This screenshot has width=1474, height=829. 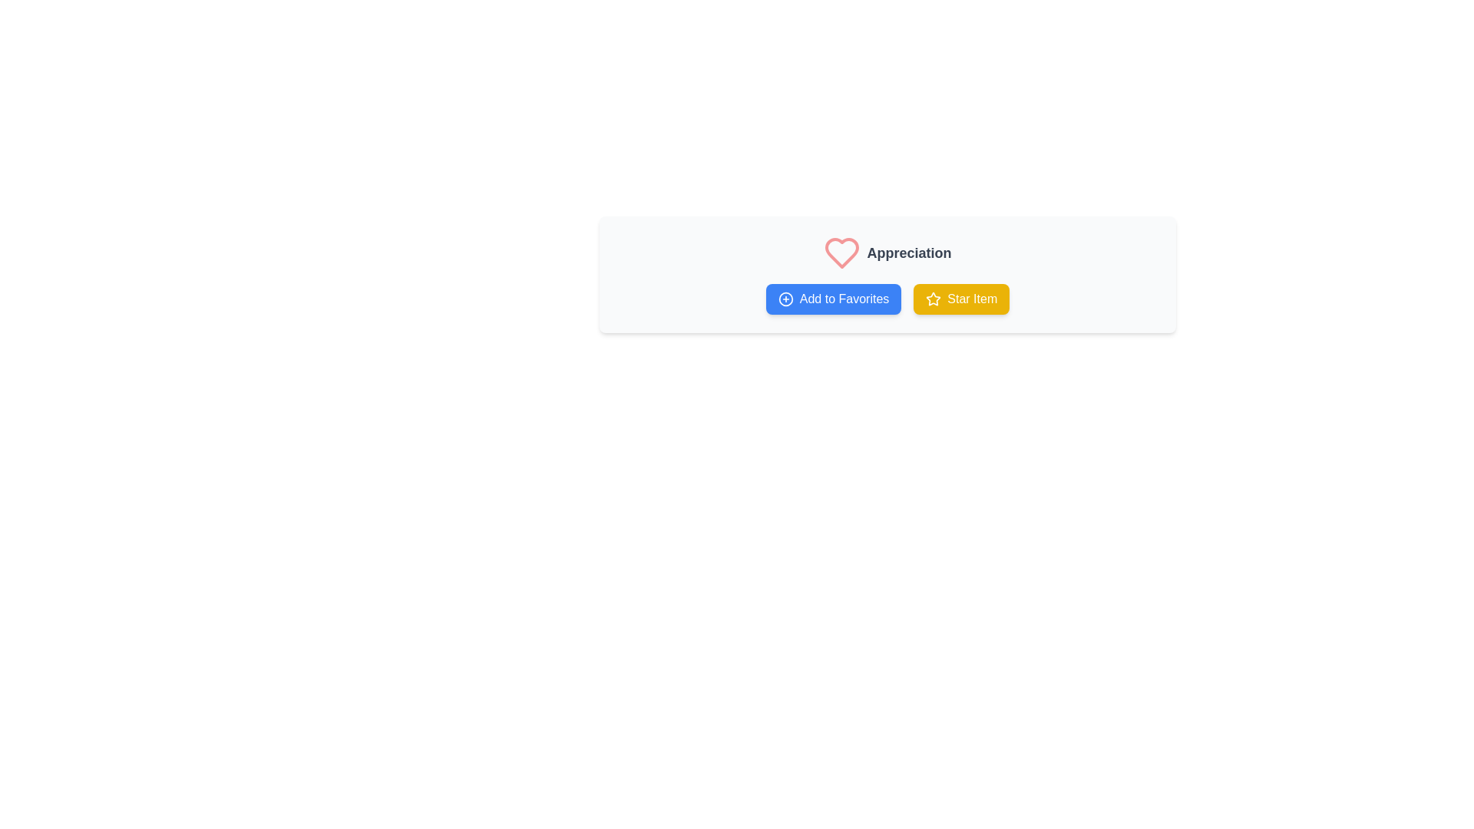 I want to click on the button labeled 'Add to Favorites' which has a blue background, rounded corners, and a white text with a plus sign icon to its left, so click(x=833, y=299).